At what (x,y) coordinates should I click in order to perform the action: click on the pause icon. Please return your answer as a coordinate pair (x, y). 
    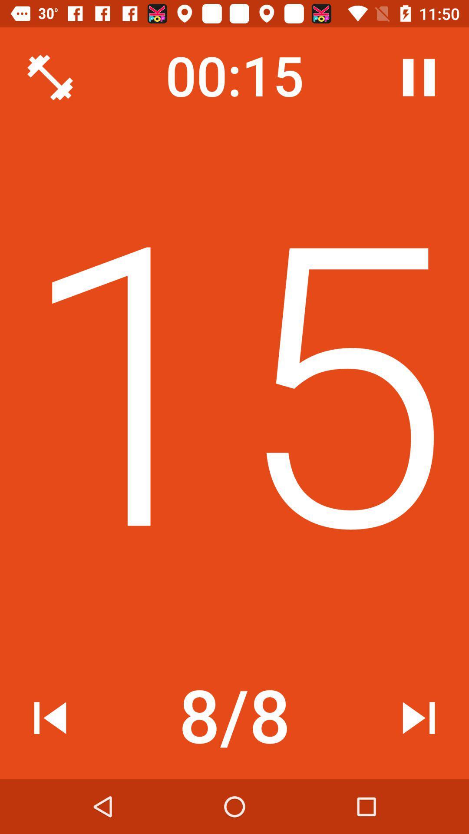
    Looking at the image, I should click on (418, 77).